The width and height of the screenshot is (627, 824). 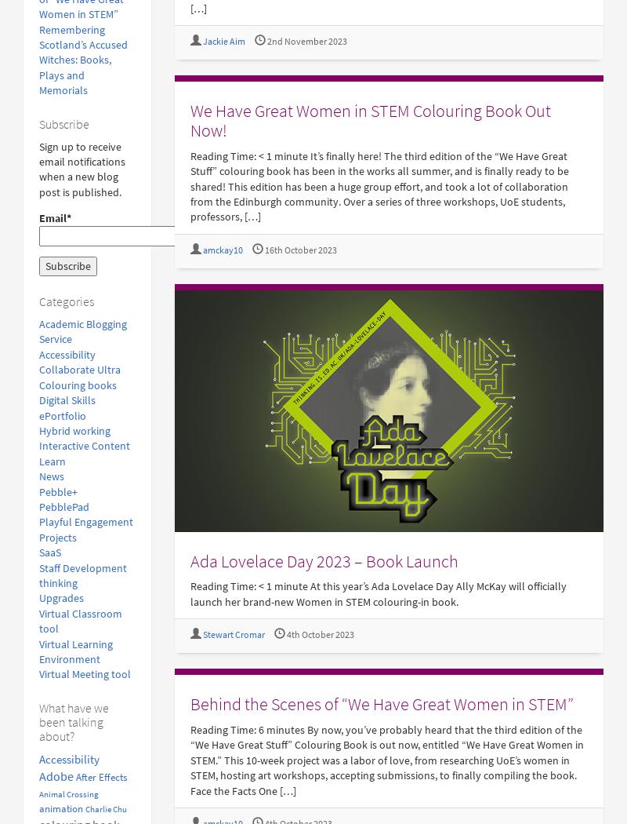 What do you see at coordinates (38, 674) in the screenshot?
I see `'Virtual Meeting tool'` at bounding box center [38, 674].